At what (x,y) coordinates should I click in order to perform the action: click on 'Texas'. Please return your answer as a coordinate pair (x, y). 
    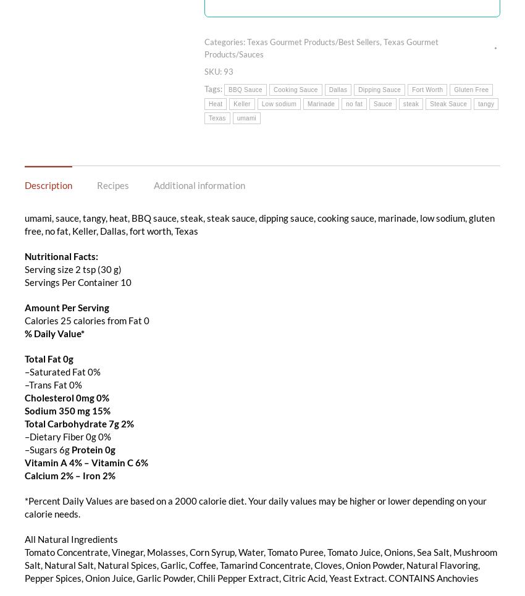
    Looking at the image, I should click on (208, 117).